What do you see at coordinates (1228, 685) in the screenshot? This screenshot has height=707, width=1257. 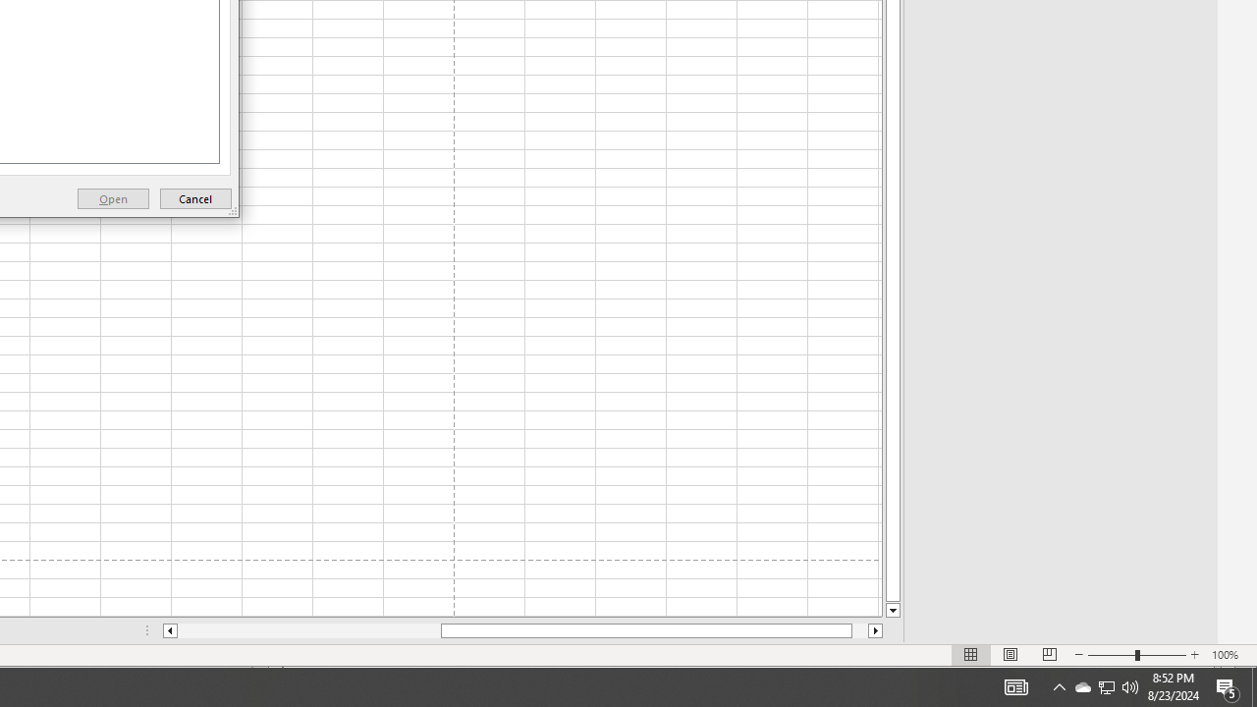 I see `'Action Center, 5 new notifications'` at bounding box center [1228, 685].